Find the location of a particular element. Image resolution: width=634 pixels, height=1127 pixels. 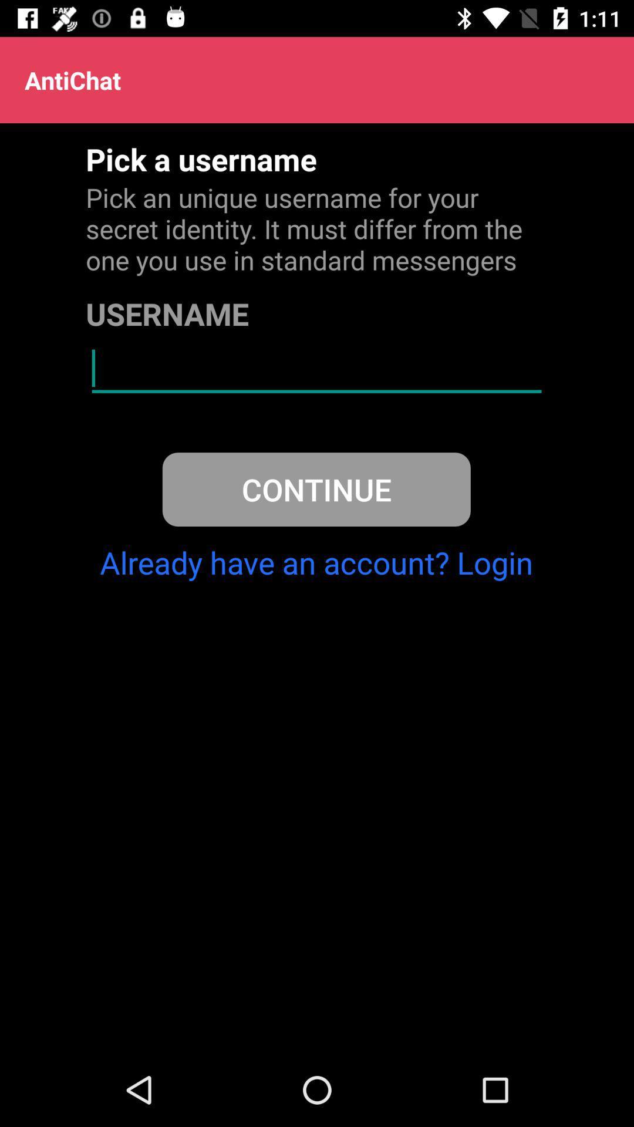

username field is located at coordinates (316, 368).